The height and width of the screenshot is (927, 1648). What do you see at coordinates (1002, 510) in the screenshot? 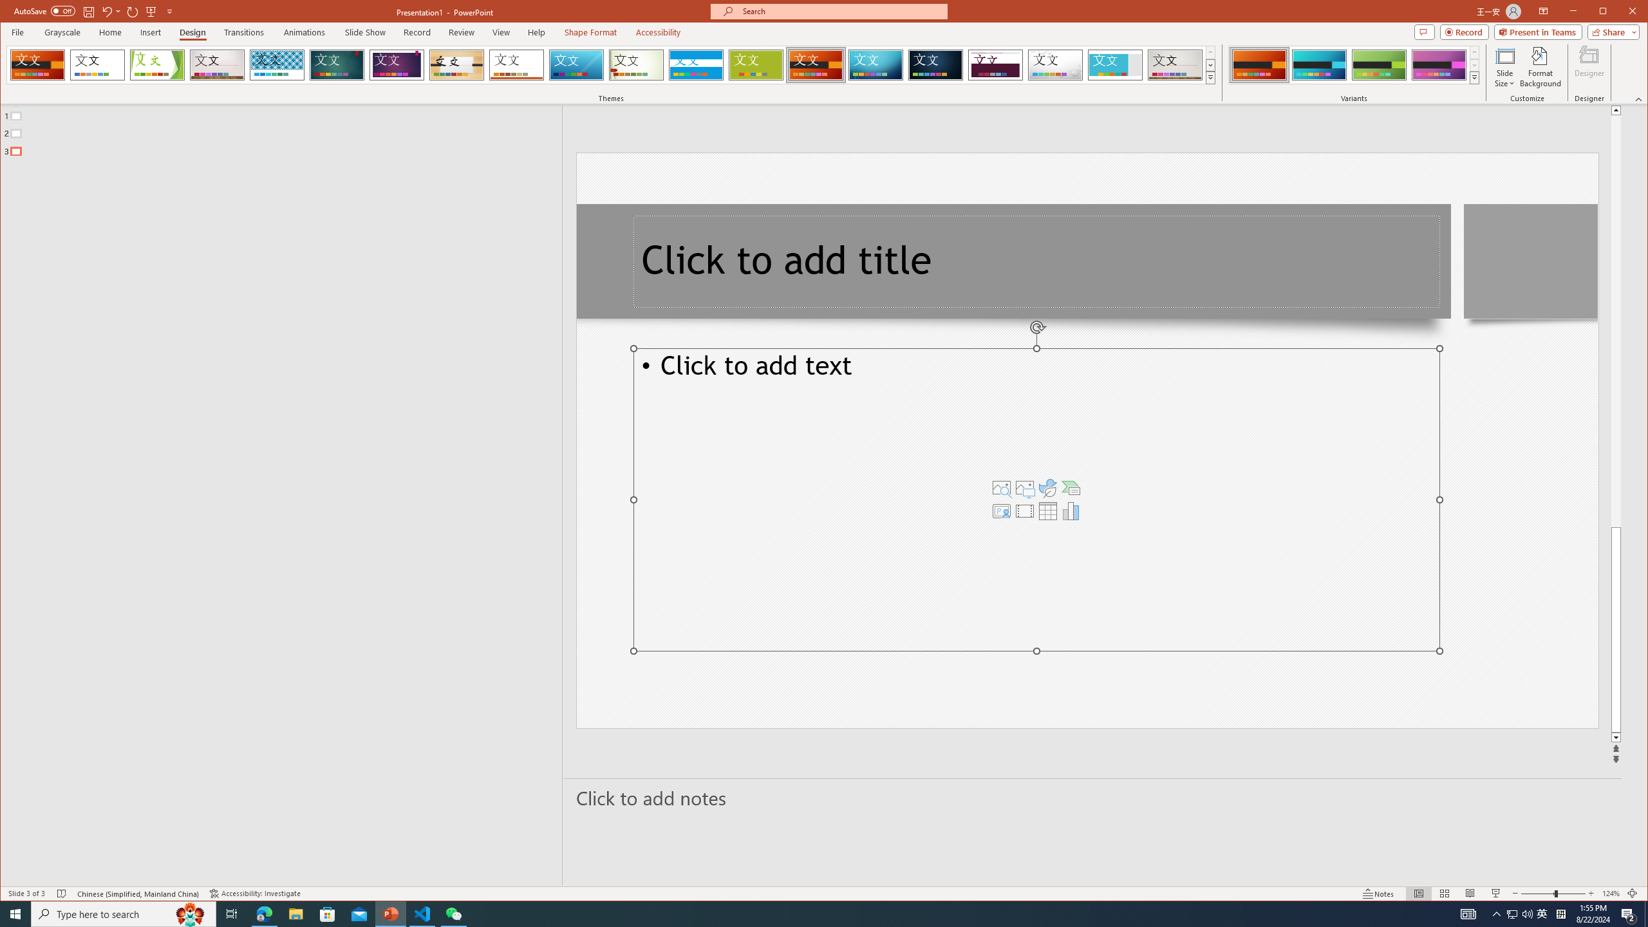
I see `'Insert Cameo'` at bounding box center [1002, 510].